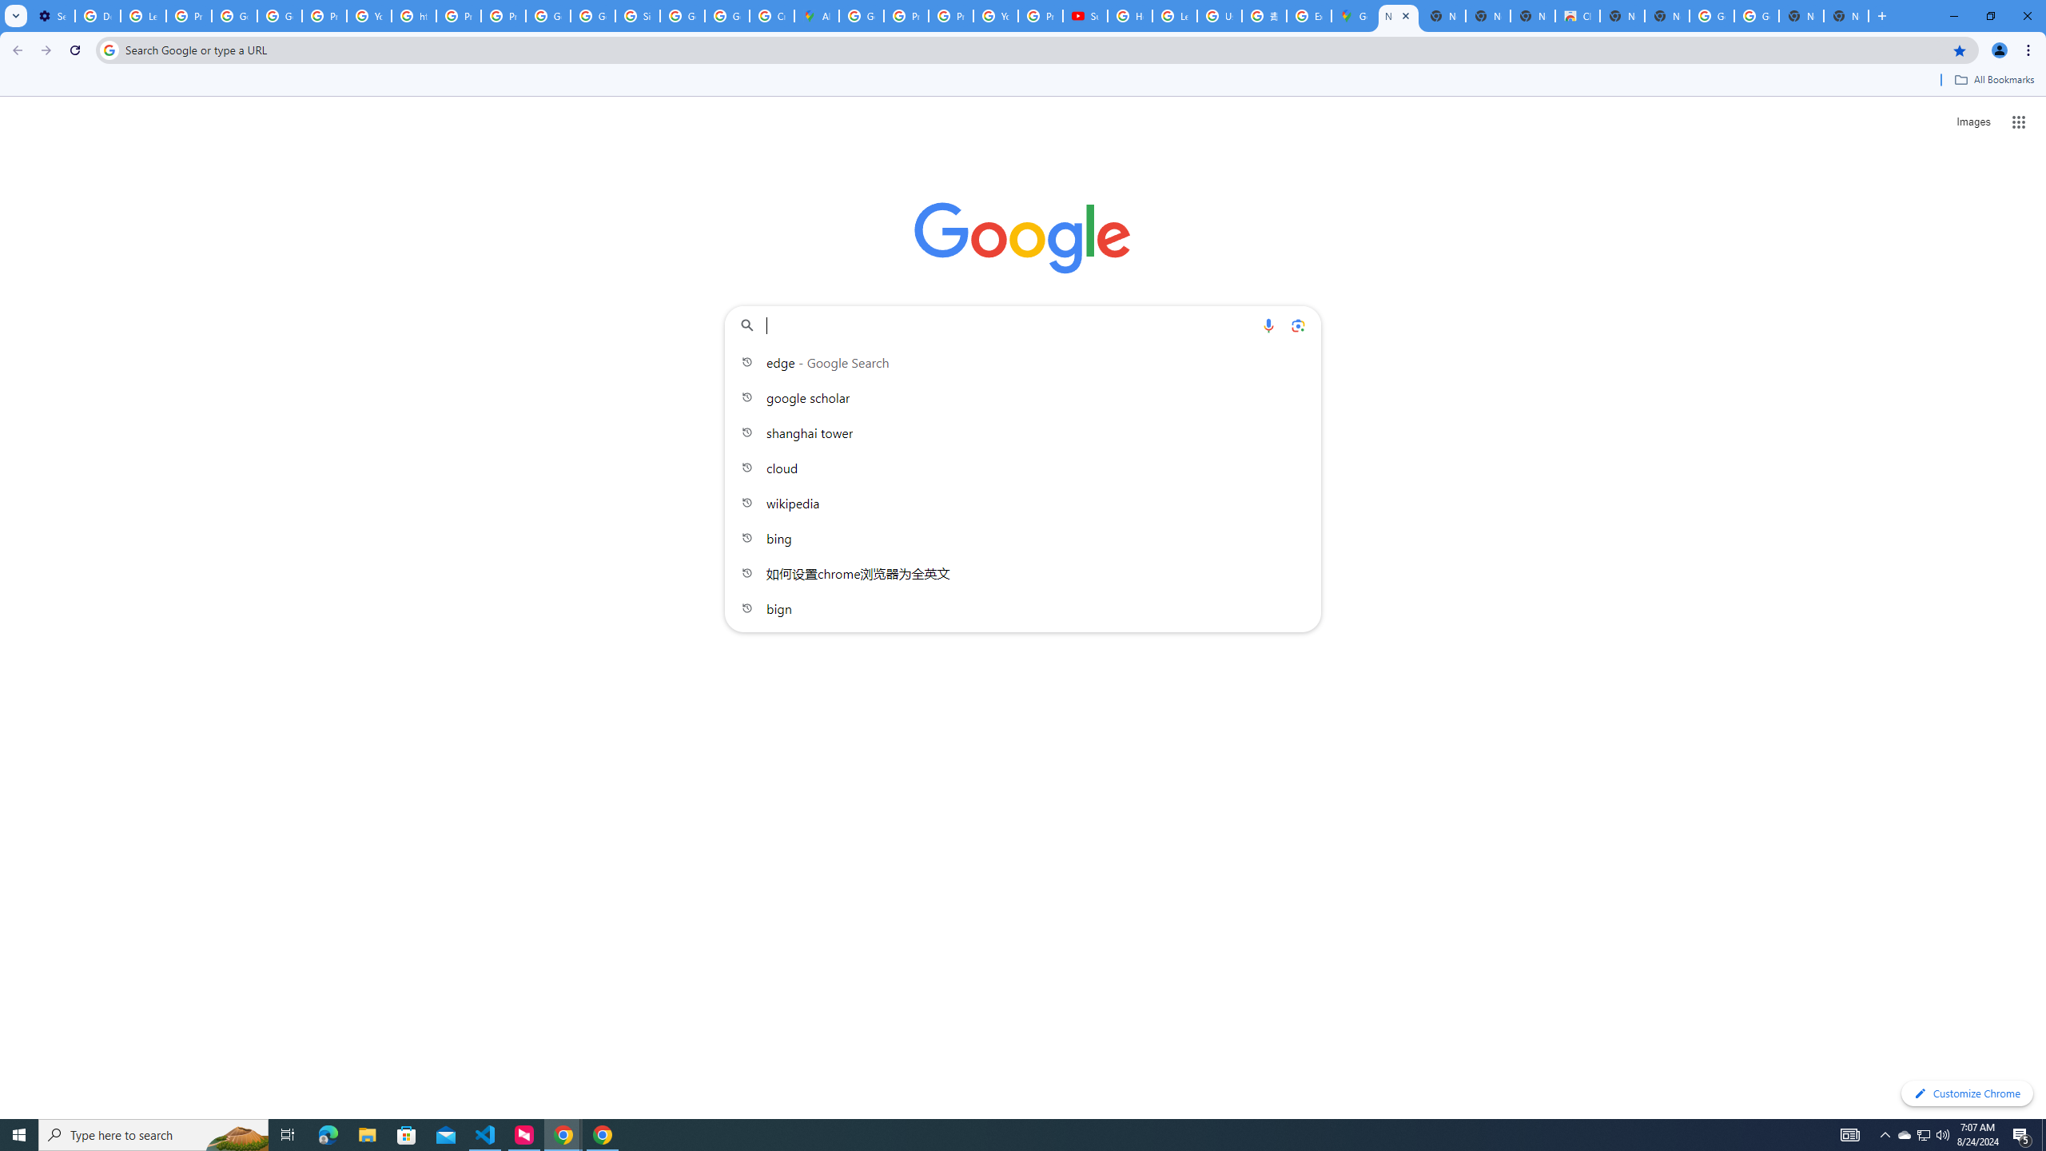 The height and width of the screenshot is (1151, 2046). What do you see at coordinates (413, 15) in the screenshot?
I see `'https://scholar.google.com/'` at bounding box center [413, 15].